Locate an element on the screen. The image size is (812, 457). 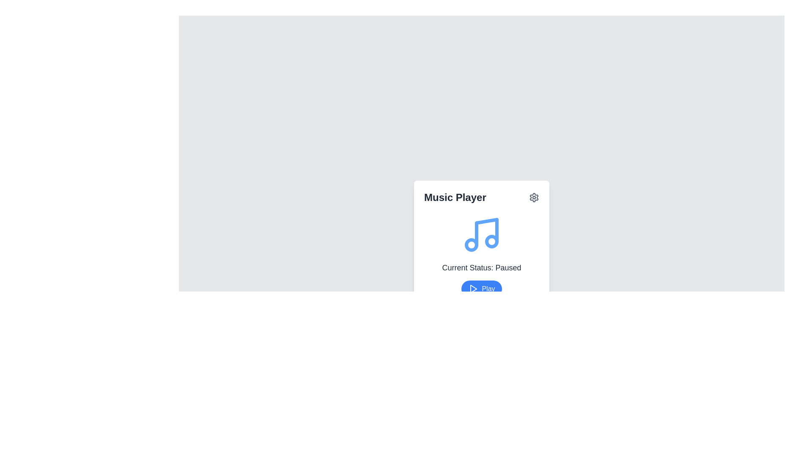
the text label that reads 'Current Status: Paused', which is located in the music player interface, below the musical note icon and above the 'Play' button is located at coordinates (481, 267).